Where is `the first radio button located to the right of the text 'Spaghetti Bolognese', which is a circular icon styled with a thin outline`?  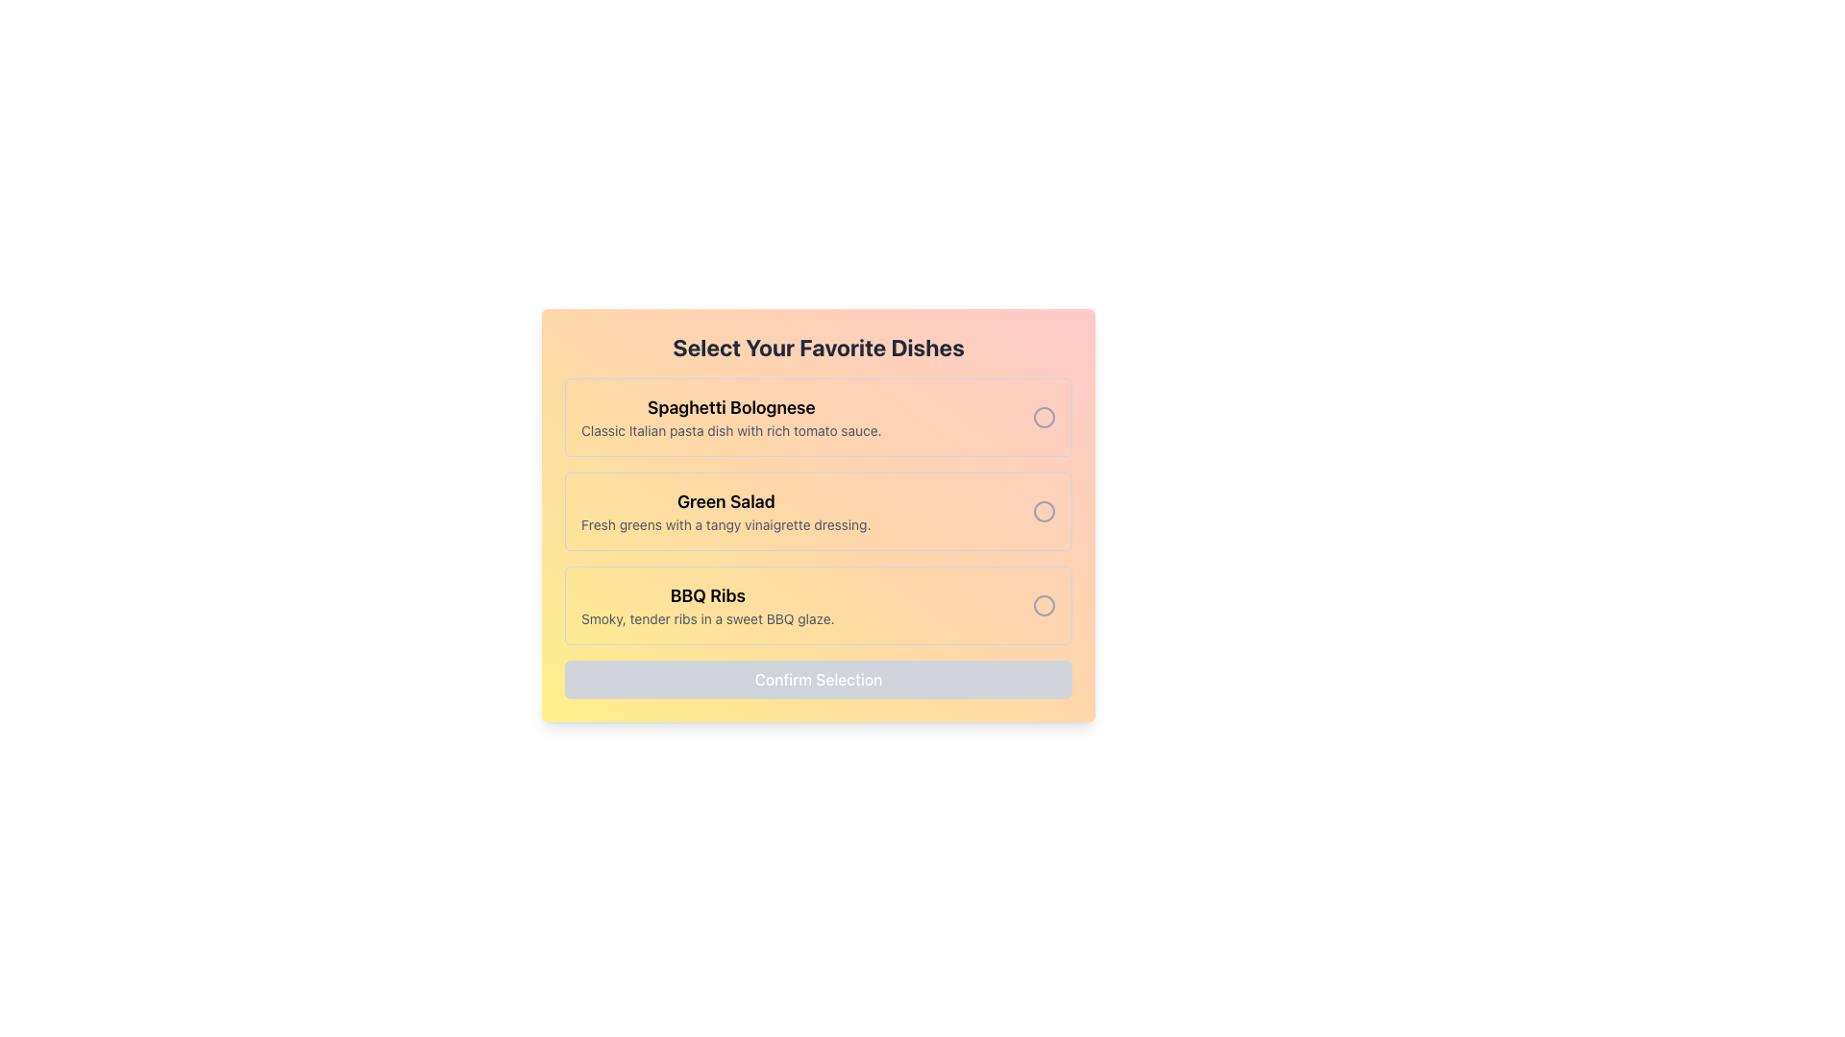 the first radio button located to the right of the text 'Spaghetti Bolognese', which is a circular icon styled with a thin outline is located at coordinates (1043, 417).